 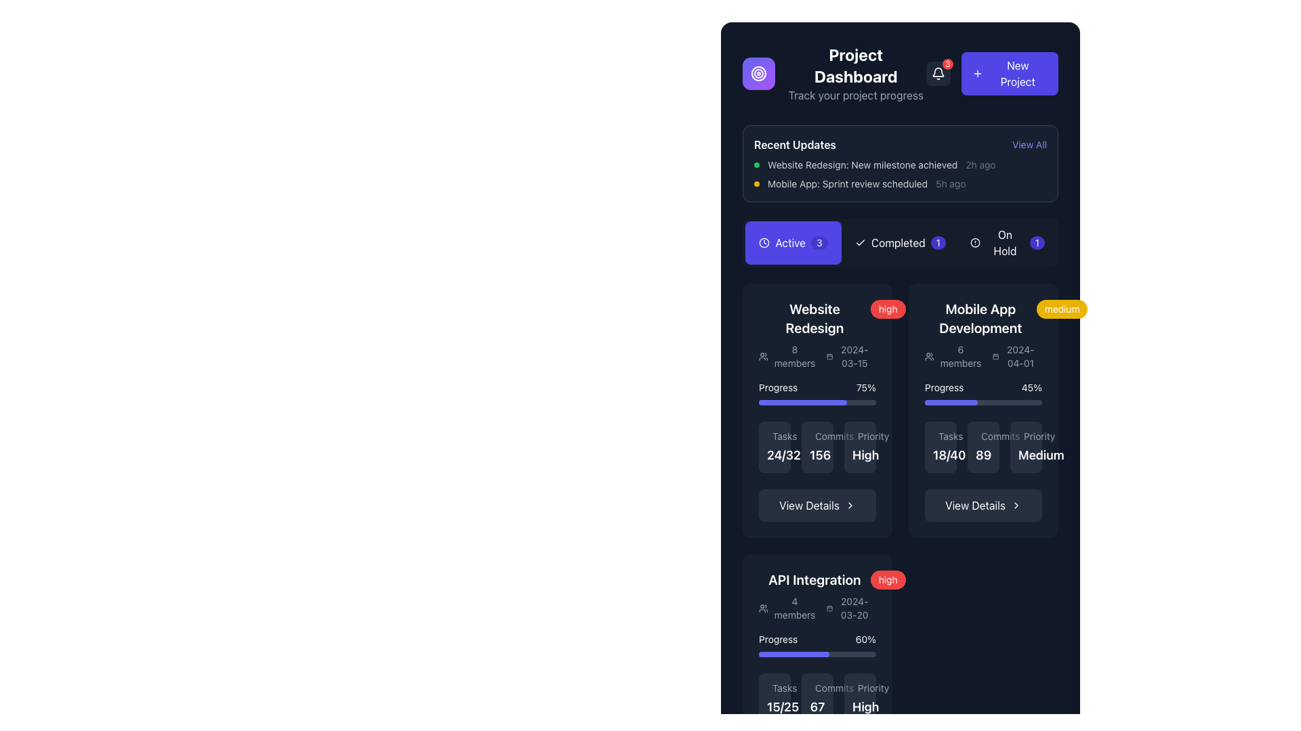 What do you see at coordinates (983, 393) in the screenshot?
I see `the progress percentage displayed on the progress bar labeled 'Progress' at the center of the second project card` at bounding box center [983, 393].